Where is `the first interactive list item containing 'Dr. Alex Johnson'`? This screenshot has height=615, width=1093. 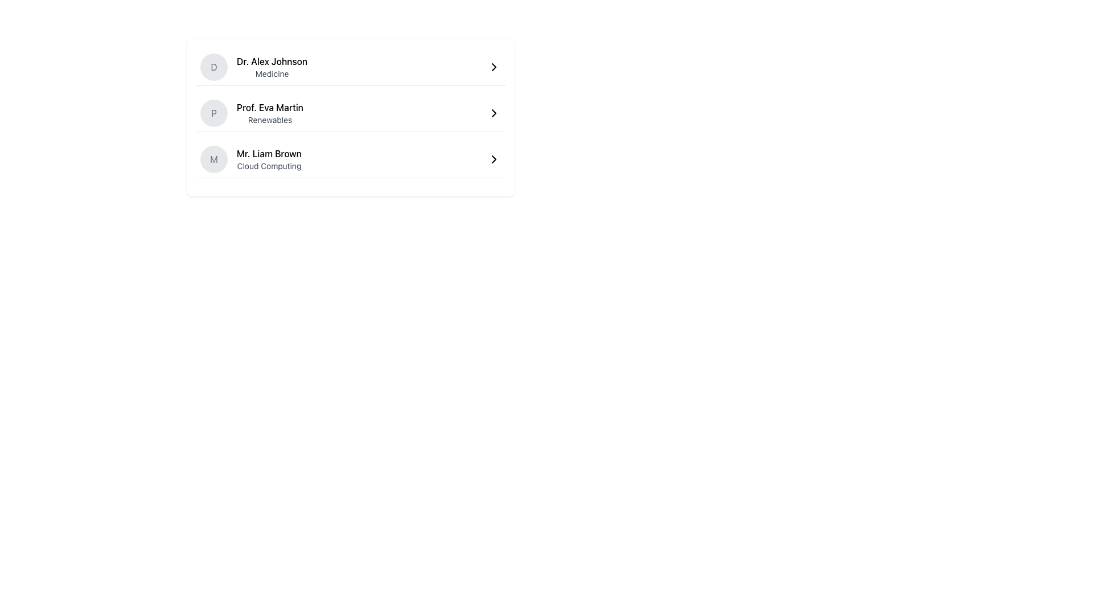
the first interactive list item containing 'Dr. Alex Johnson' is located at coordinates (350, 67).